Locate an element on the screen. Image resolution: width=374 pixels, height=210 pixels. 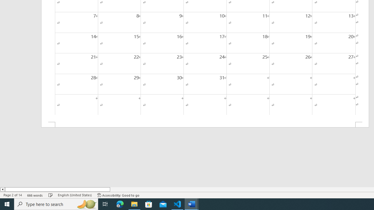
'Column left' is located at coordinates (2, 189).